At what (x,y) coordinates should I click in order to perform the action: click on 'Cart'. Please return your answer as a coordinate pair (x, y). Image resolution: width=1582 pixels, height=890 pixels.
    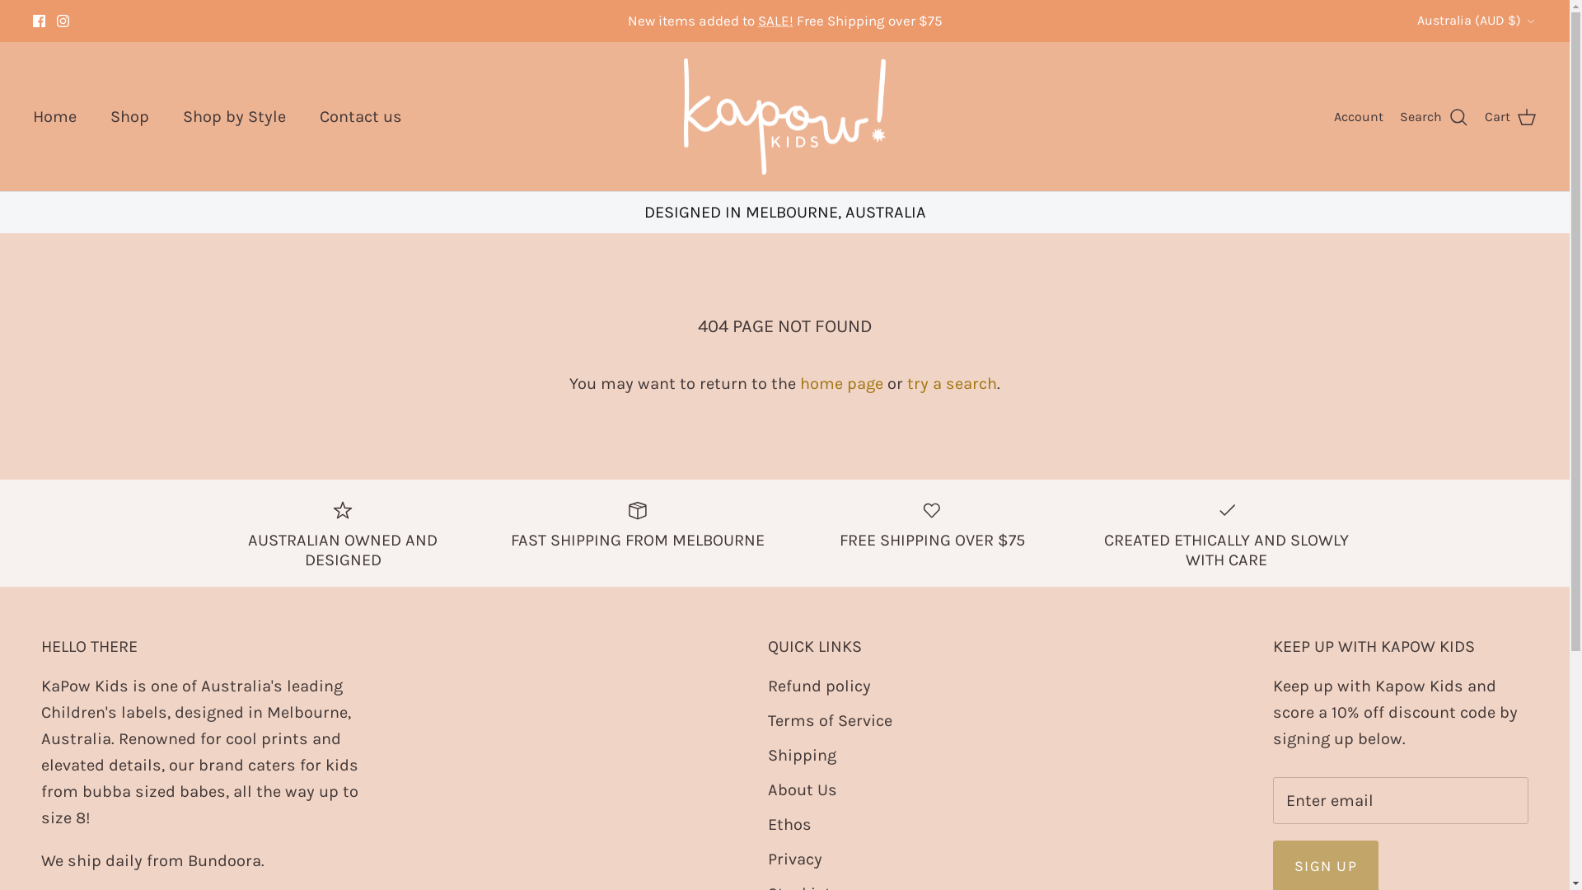
    Looking at the image, I should click on (1510, 116).